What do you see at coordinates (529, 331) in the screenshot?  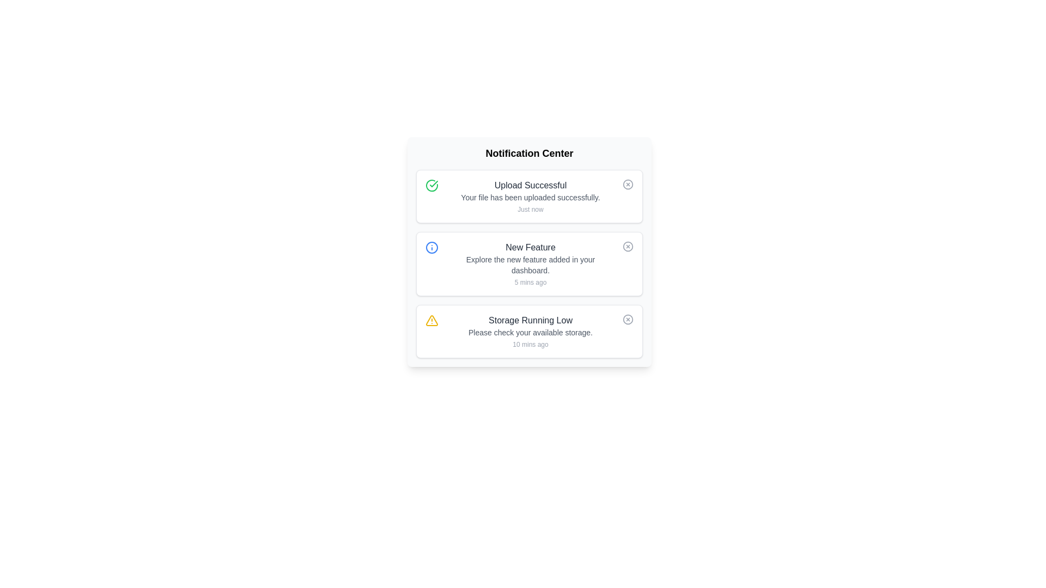 I see `details of the Notification card that alerts the user about low storage availability, which is the third notification in the Notification Center` at bounding box center [529, 331].